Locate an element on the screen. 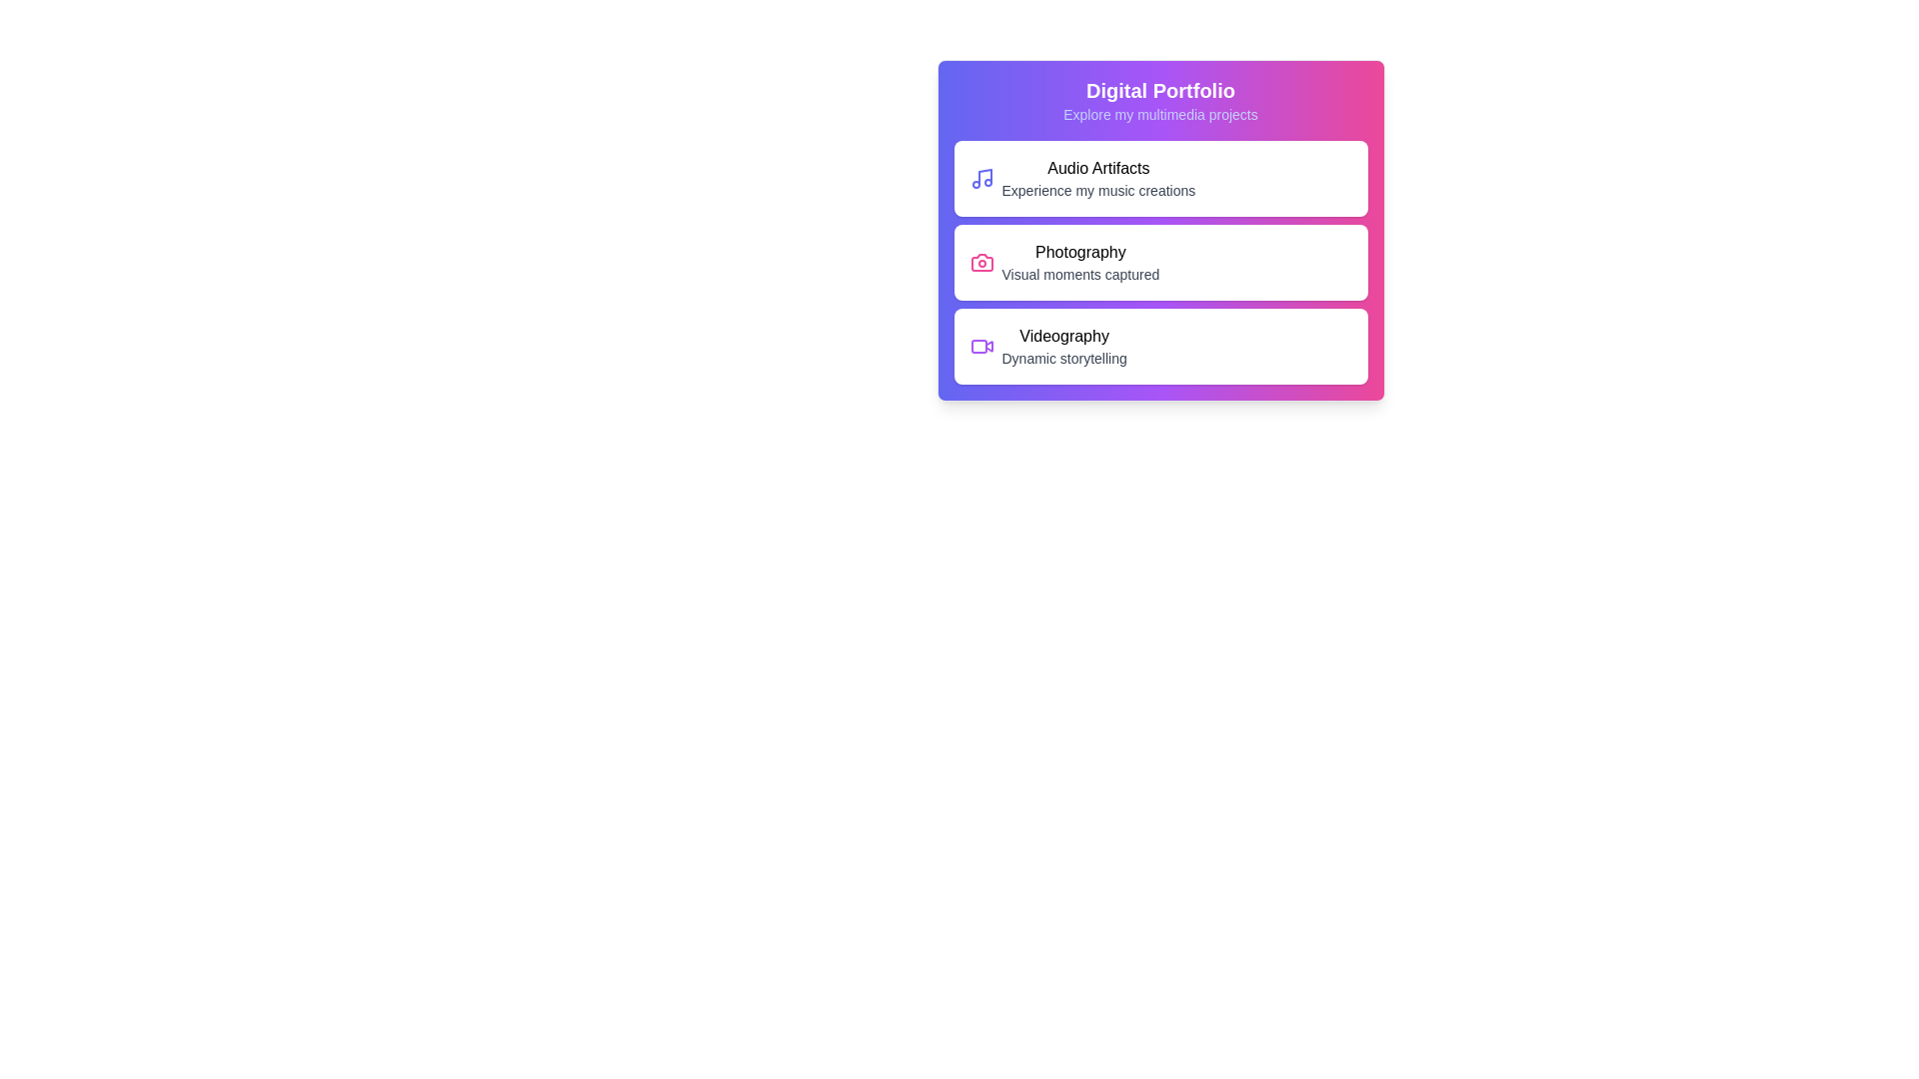  the text label that serves as a title or header within its card, located at the top-left of a card inside the digital portfolio section is located at coordinates (1097, 168).